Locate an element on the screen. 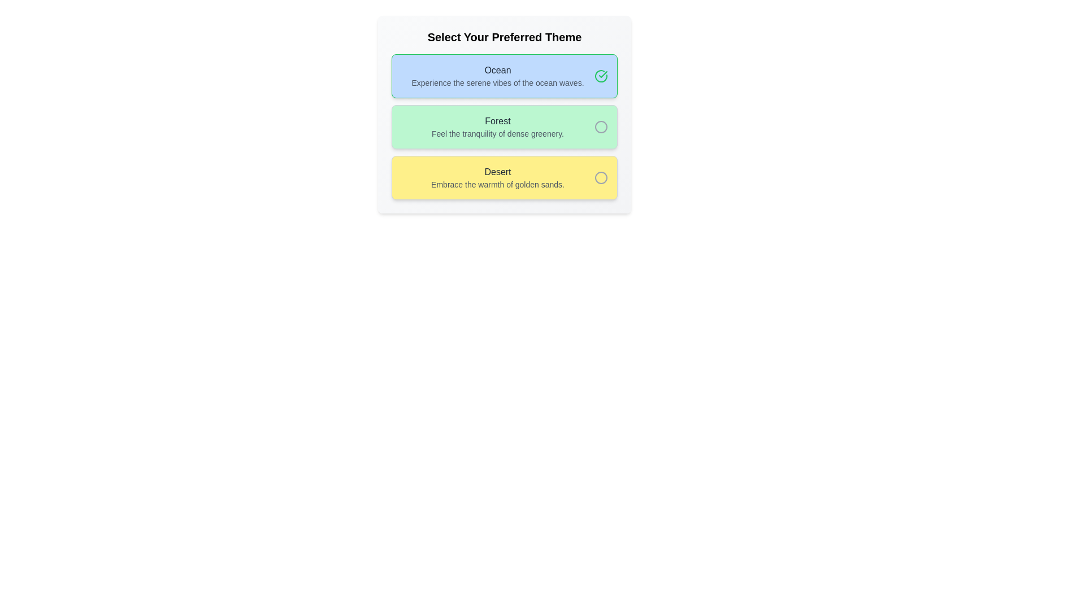  the text element that reads 'Embrace the warmth of golden sands.' which is styled in a smaller gray font and located below the text 'Desert' in a vertically stacked group of selectable themes is located at coordinates (497, 184).